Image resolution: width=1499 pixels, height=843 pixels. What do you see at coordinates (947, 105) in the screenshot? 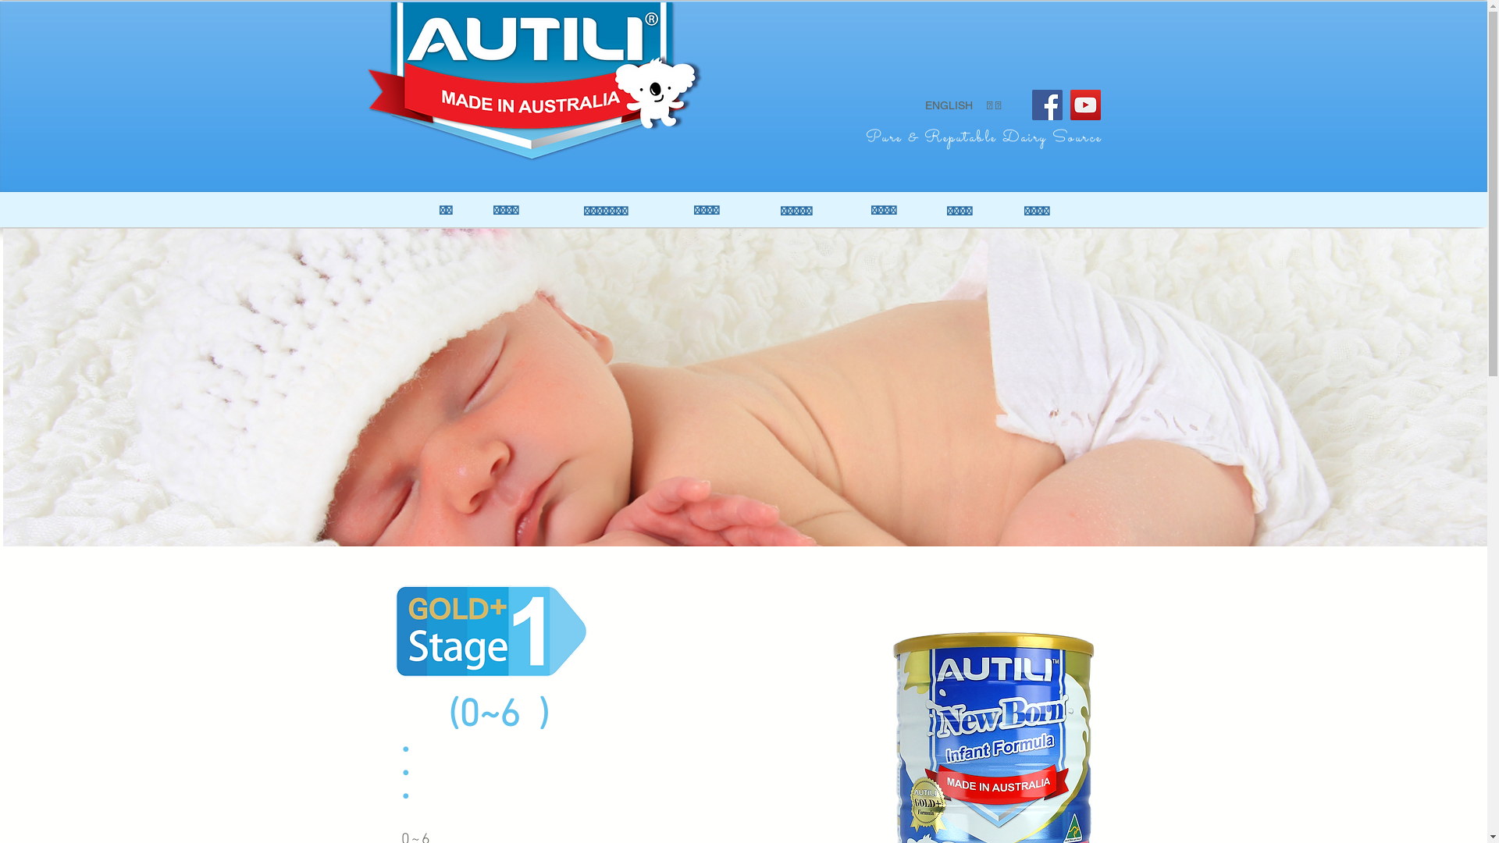
I see `'ENGLISH'` at bounding box center [947, 105].